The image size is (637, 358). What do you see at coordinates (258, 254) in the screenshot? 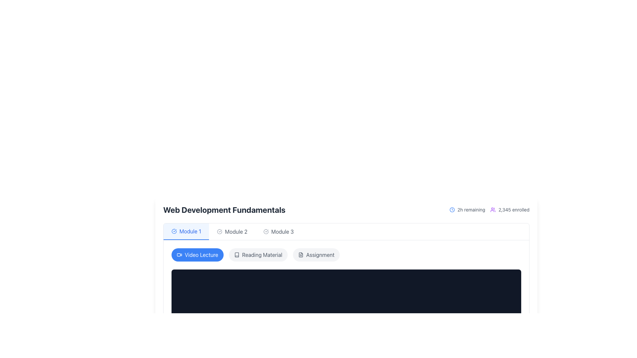
I see `the 'Reading Material' button, which is a rectangular button with rounded corners, light gray background, and dark gray text, located between the 'Video Lecture' and 'Assignment' buttons` at bounding box center [258, 254].